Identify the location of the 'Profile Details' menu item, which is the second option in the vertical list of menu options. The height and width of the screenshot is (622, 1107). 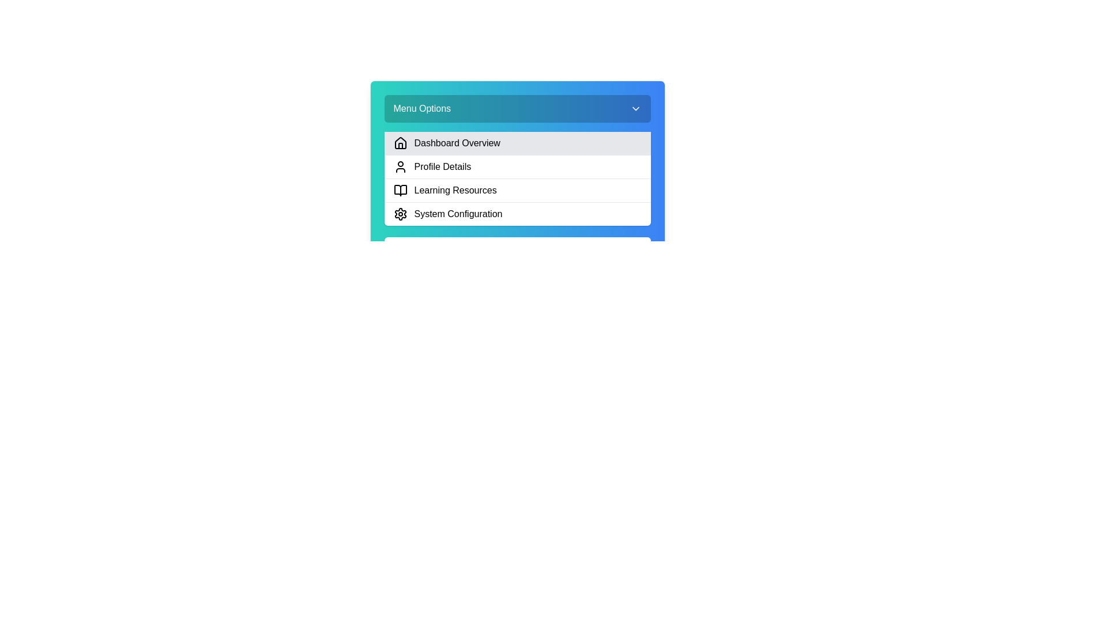
(517, 166).